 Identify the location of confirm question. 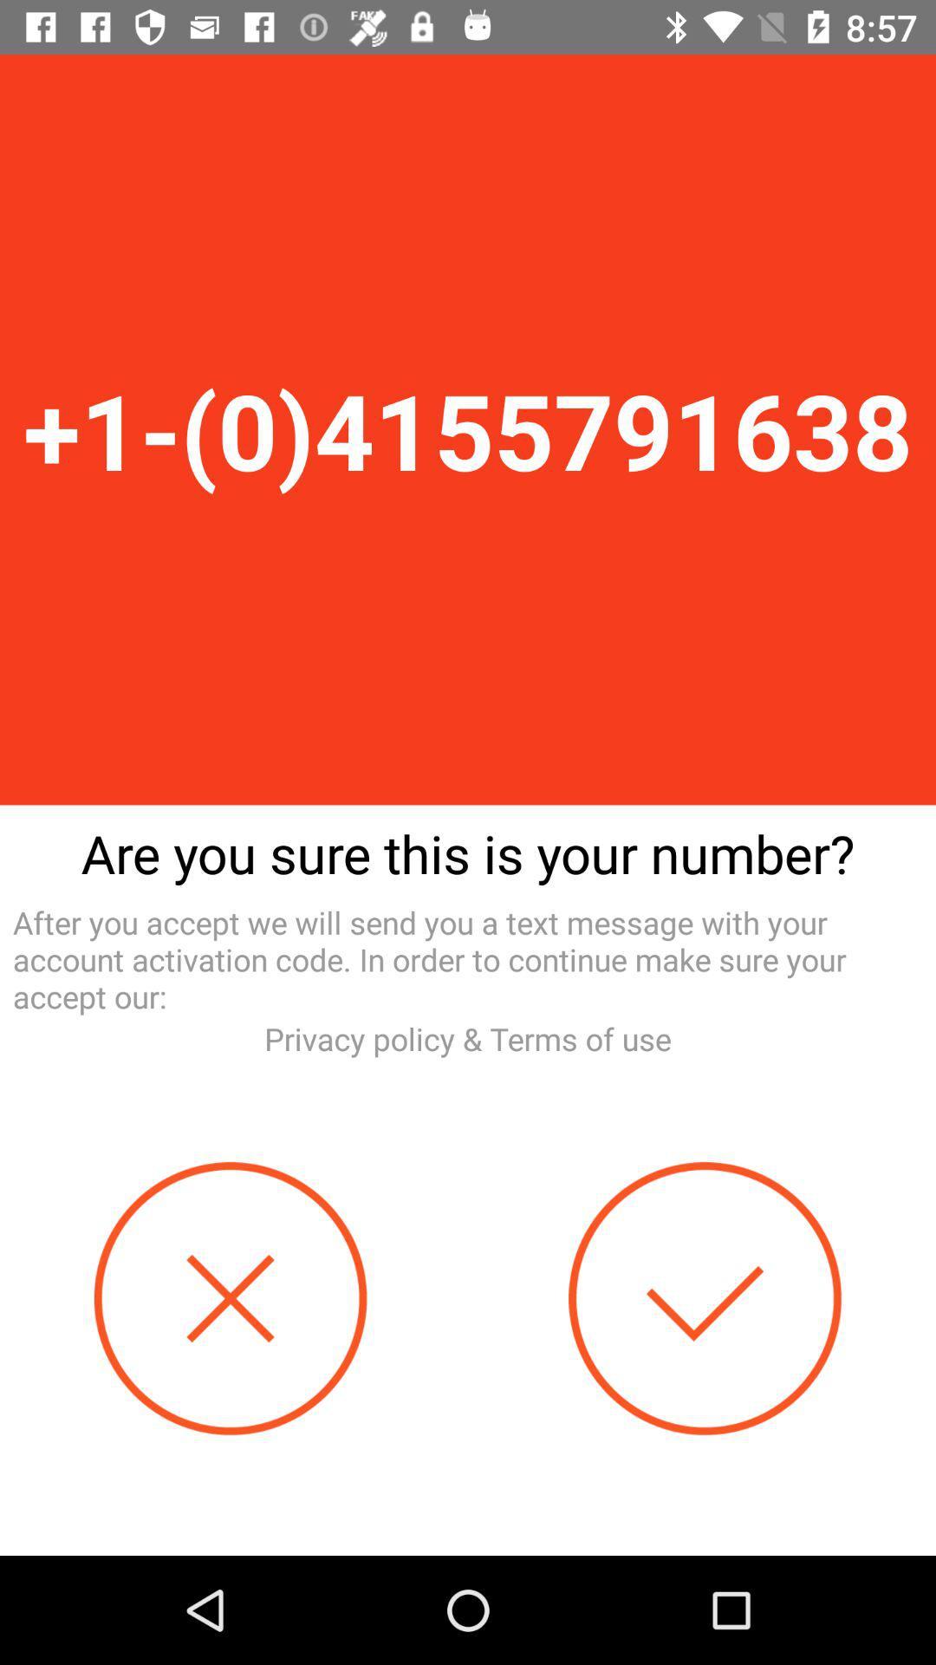
(705, 1298).